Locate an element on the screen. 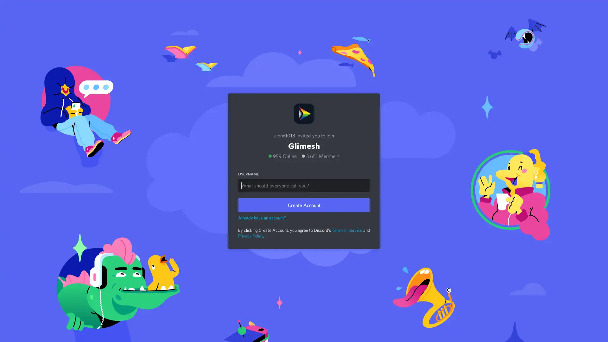 This screenshot has width=608, height=342. Create Account is located at coordinates (304, 205).